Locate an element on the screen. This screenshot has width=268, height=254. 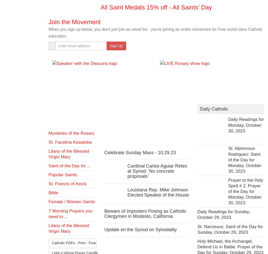
'Bible' is located at coordinates (48, 193).